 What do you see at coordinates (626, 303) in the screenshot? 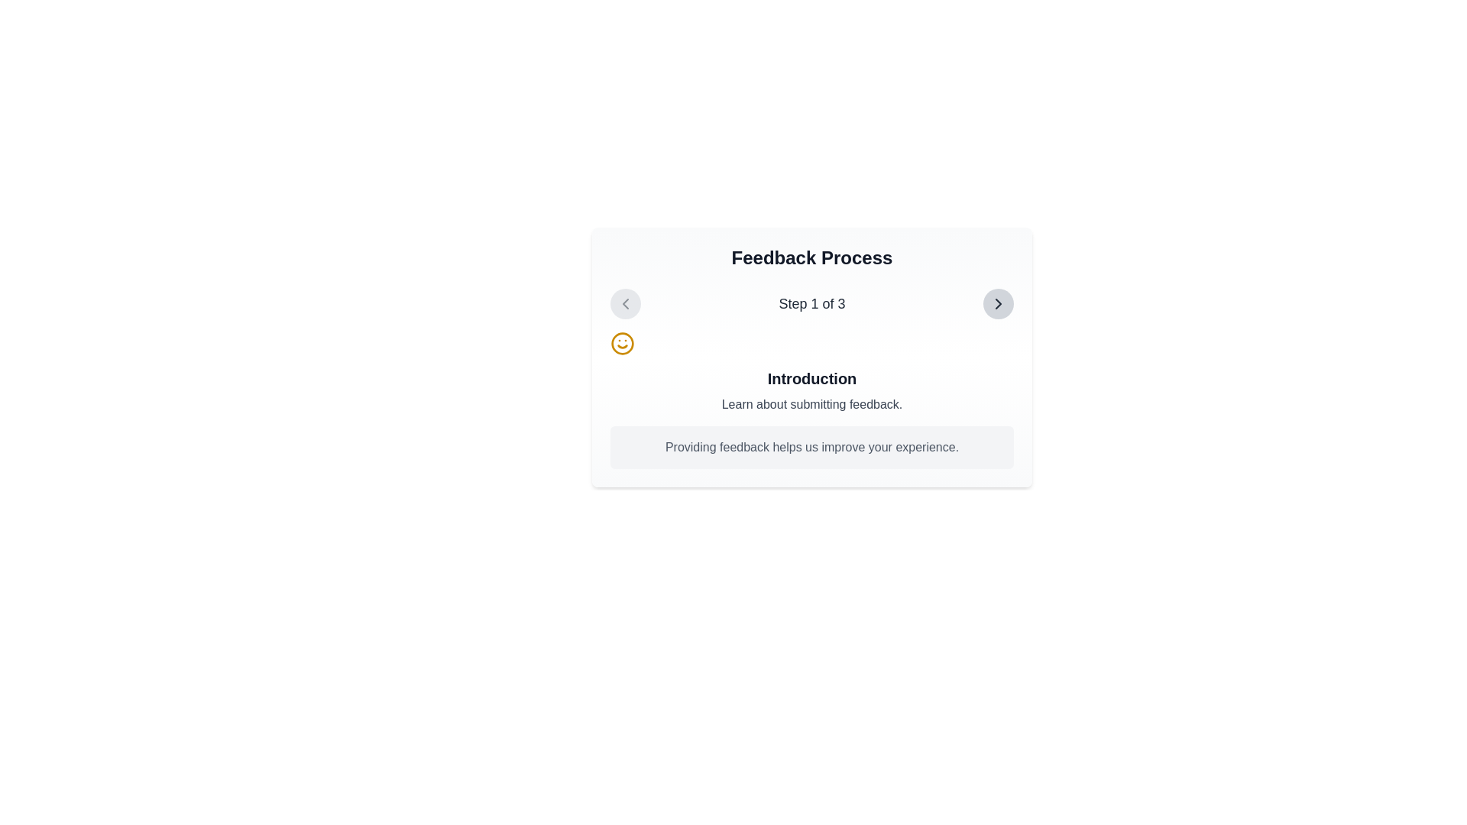
I see `the left navigation icon, which is a triangular arrow pointing left` at bounding box center [626, 303].